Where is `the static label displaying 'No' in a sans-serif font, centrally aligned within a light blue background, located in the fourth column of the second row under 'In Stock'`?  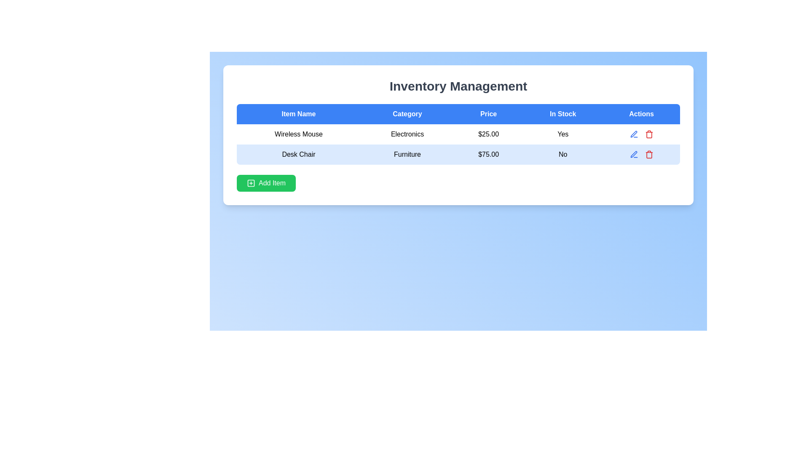 the static label displaying 'No' in a sans-serif font, centrally aligned within a light blue background, located in the fourth column of the second row under 'In Stock' is located at coordinates (563, 154).